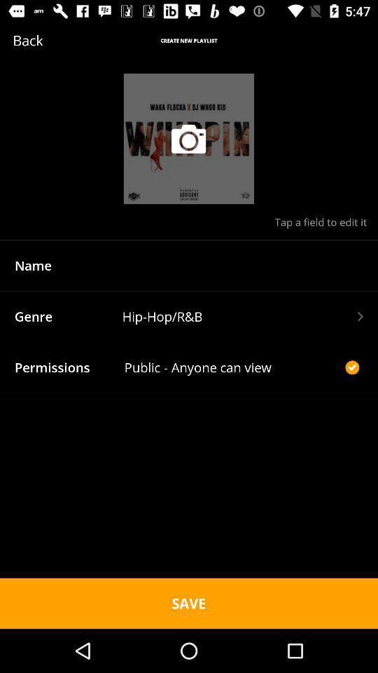 The image size is (378, 673). I want to click on the text field hiphoprb  which is beside genre, so click(242, 316).